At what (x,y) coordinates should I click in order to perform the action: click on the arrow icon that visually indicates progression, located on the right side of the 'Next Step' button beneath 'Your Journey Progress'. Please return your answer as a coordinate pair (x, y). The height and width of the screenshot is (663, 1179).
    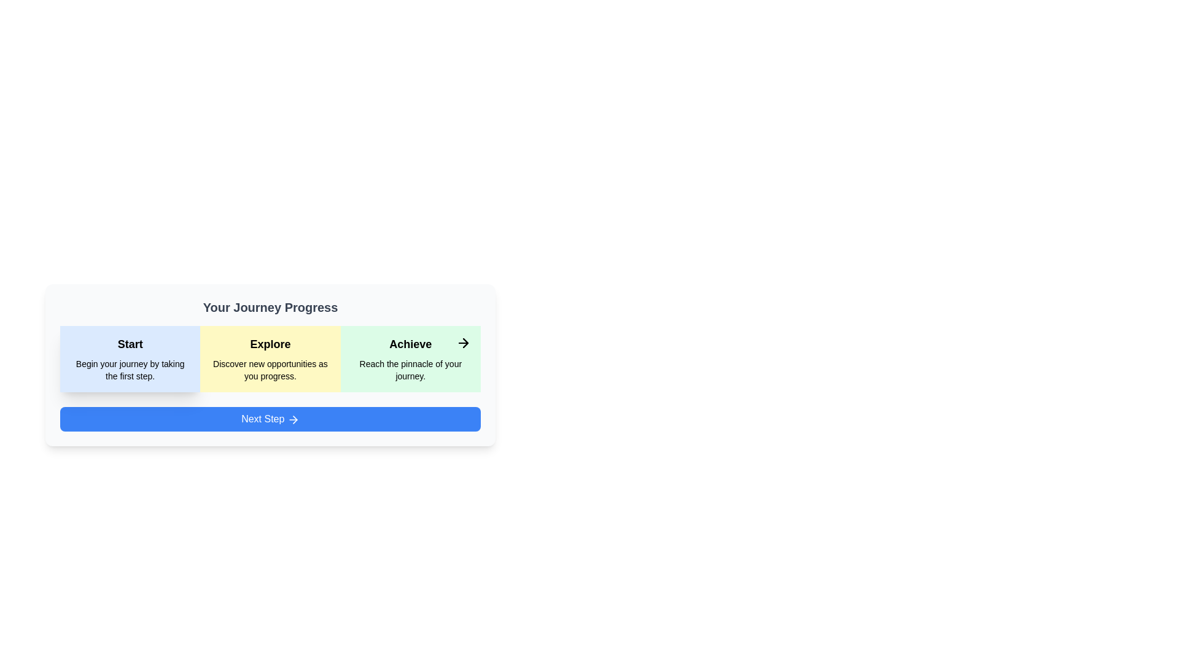
    Looking at the image, I should click on (292, 419).